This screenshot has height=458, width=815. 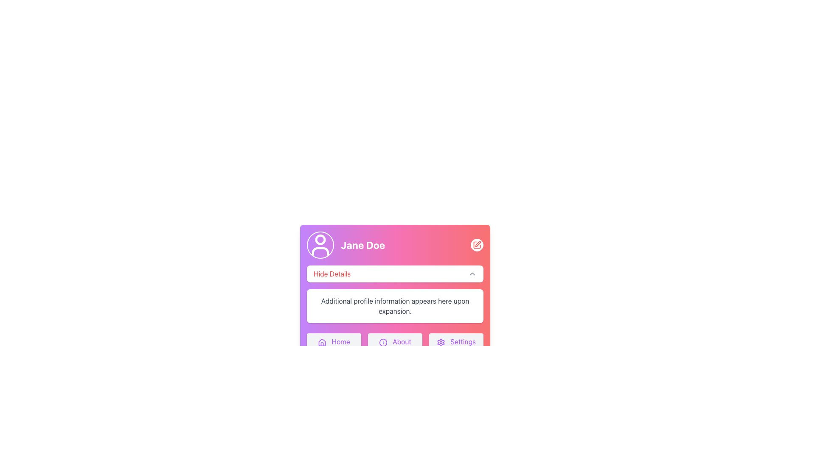 What do you see at coordinates (383, 342) in the screenshot?
I see `the purple outlined circle icon with a question mark inside, which is integrated into the 'About' button in the navigation bar` at bounding box center [383, 342].